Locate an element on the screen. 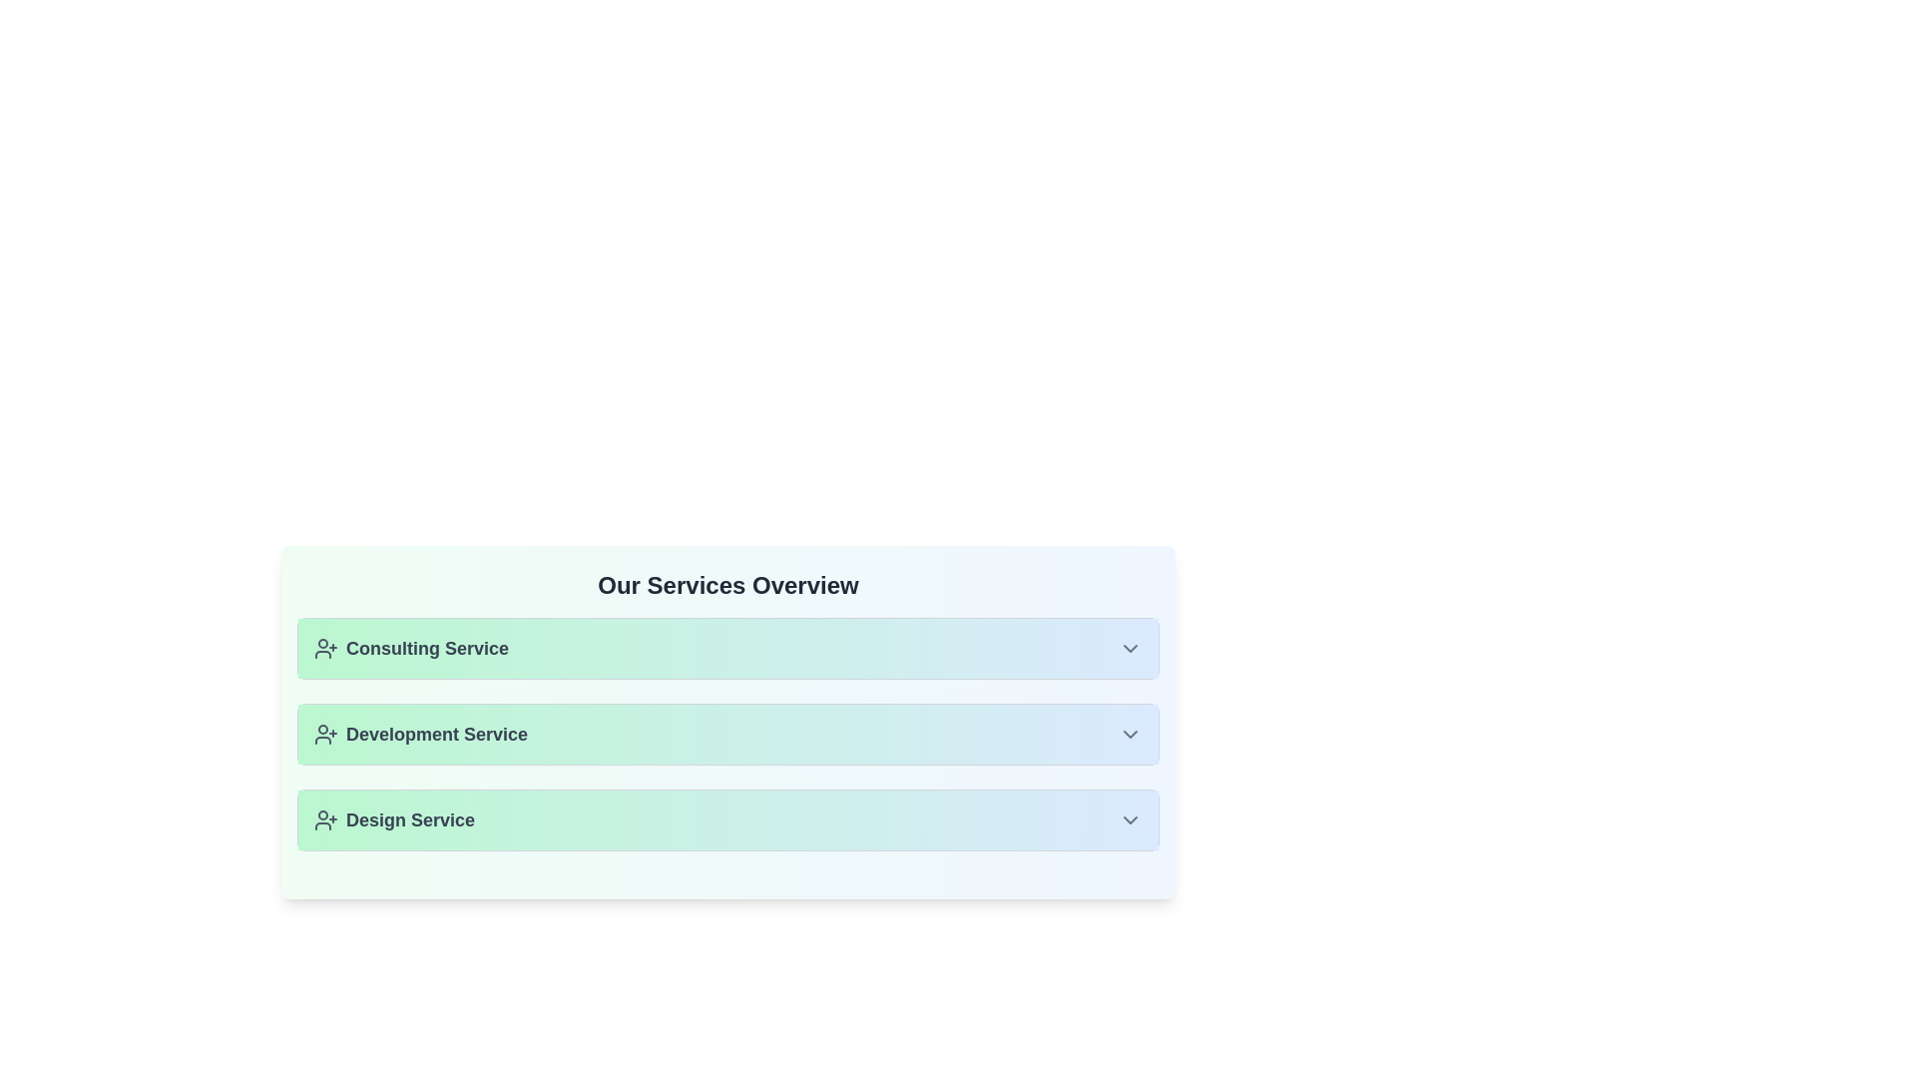 The height and width of the screenshot is (1078, 1916). the 'user-plus' icon, which is a circular icon with a '+' symbol, located to the left of the 'Design Service' text in the third row of 'Our Services Overview' is located at coordinates (325, 819).